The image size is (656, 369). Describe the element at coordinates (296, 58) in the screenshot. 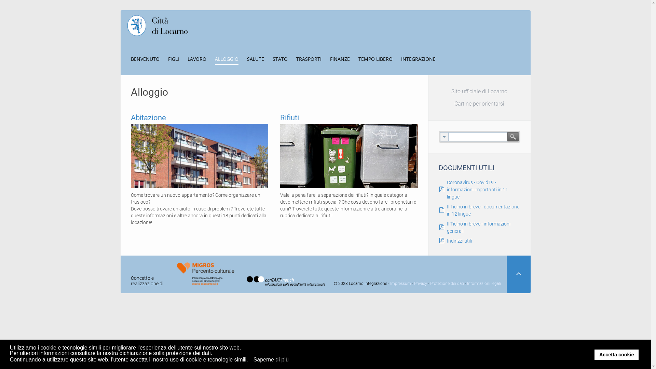

I see `'TRASPORTI'` at that location.